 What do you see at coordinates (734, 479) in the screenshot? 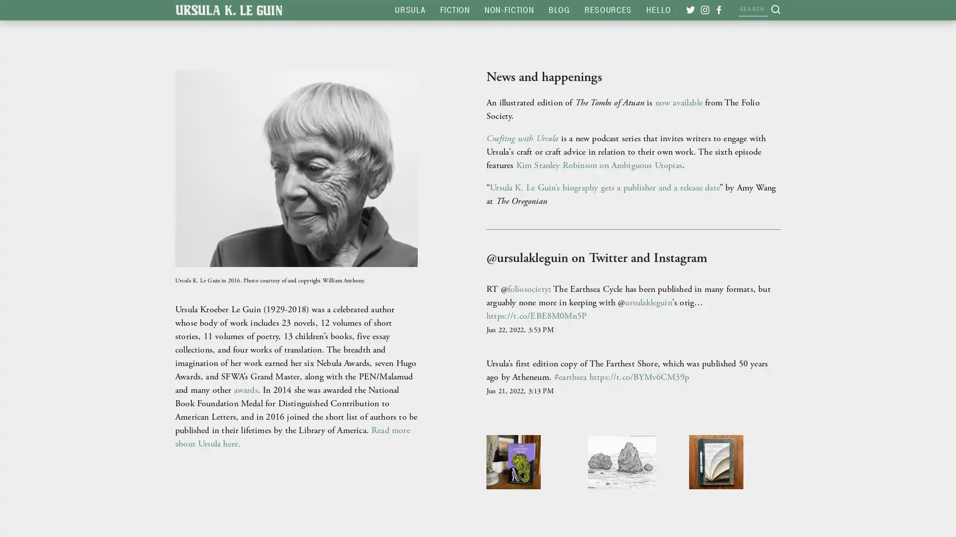
I see `View fullsize &ldquo;A writer who wants to write good stuff needs to read great stuff. If you don&rsquo;t read widely, or read only writers in fashion at the moment, you&rsquo;ll have a limited idea of what can be done with the English language.&rdquo; &mdash;fr` at bounding box center [734, 479].